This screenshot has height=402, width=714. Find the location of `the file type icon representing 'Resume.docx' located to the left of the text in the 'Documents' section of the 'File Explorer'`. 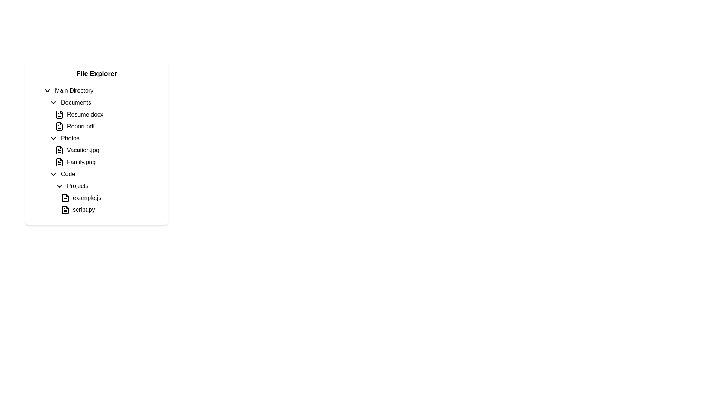

the file type icon representing 'Resume.docx' located to the left of the text in the 'Documents' section of the 'File Explorer' is located at coordinates (59, 115).